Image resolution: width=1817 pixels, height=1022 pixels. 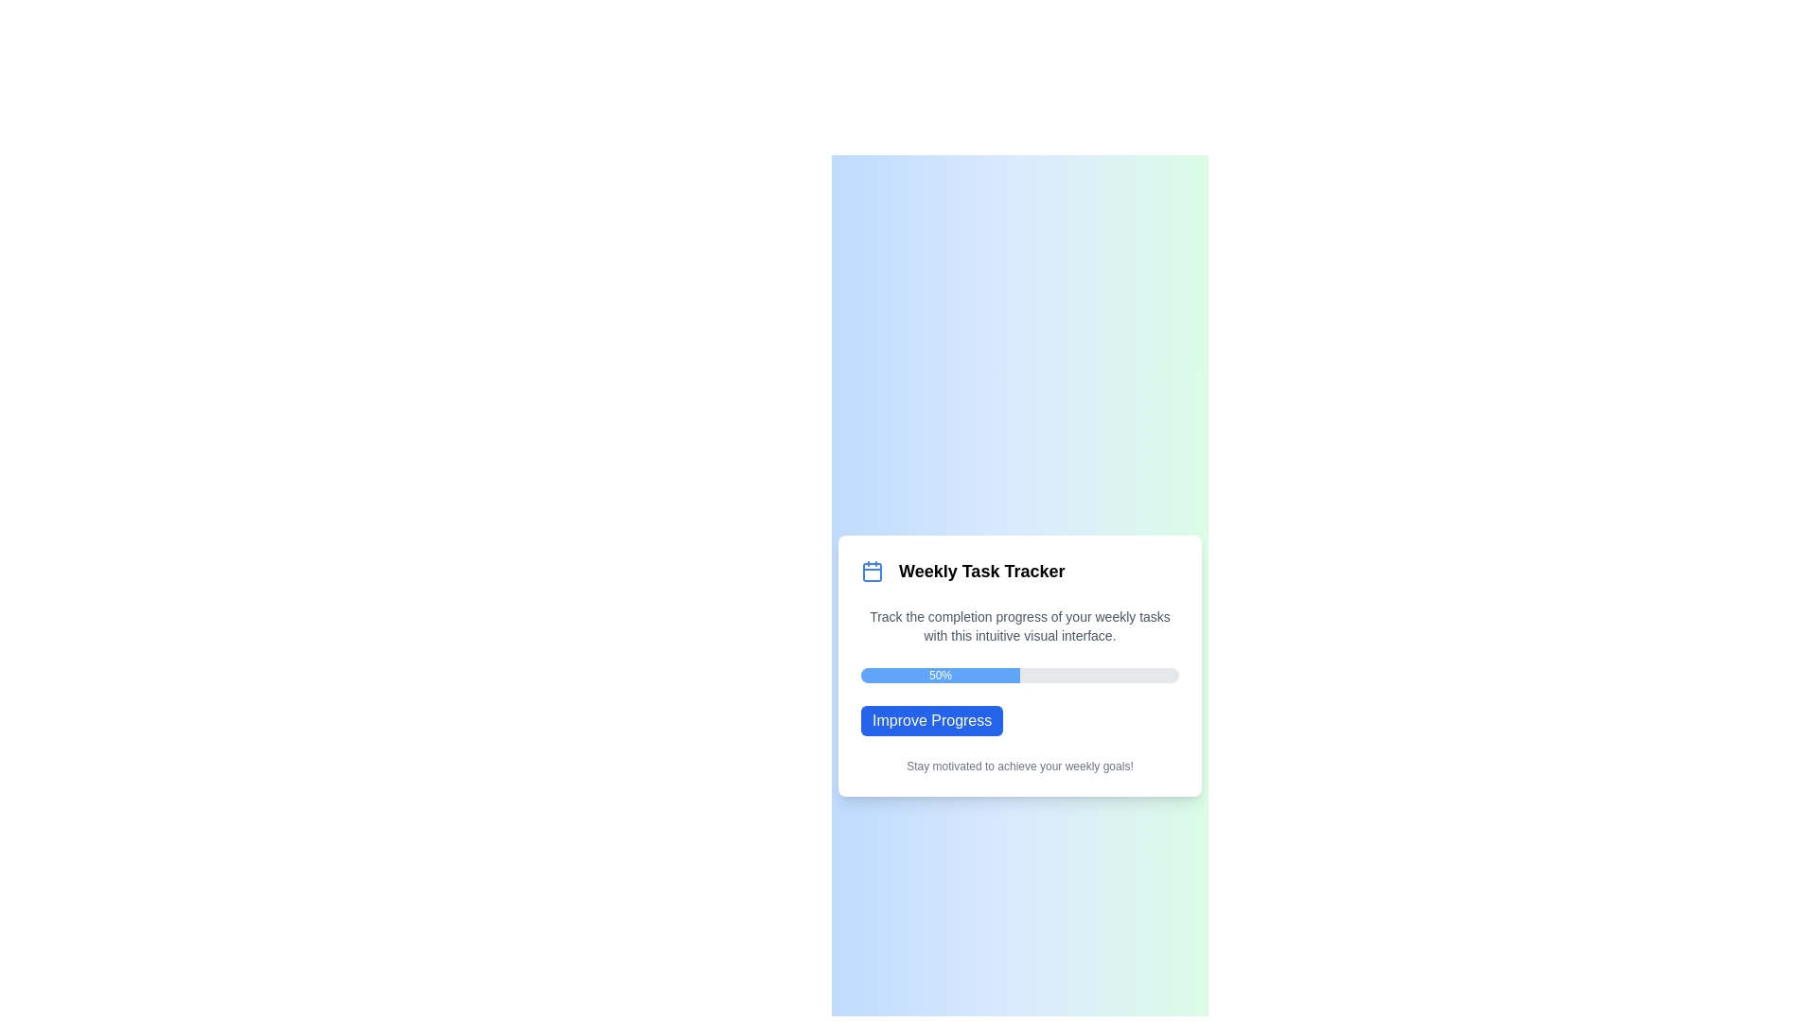 I want to click on the Progress Bar Segment that visually represents a 50% filled portion of the progress bar, located in the middle of the card's interface, so click(x=940, y=674).